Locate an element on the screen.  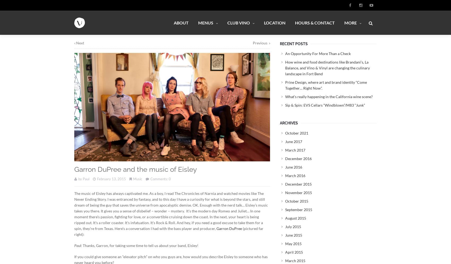
'THE STORY' is located at coordinates (352, 48).